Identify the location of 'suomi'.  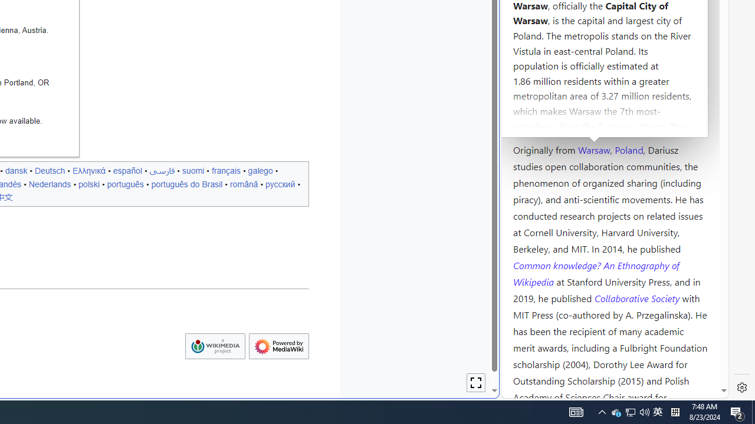
(193, 170).